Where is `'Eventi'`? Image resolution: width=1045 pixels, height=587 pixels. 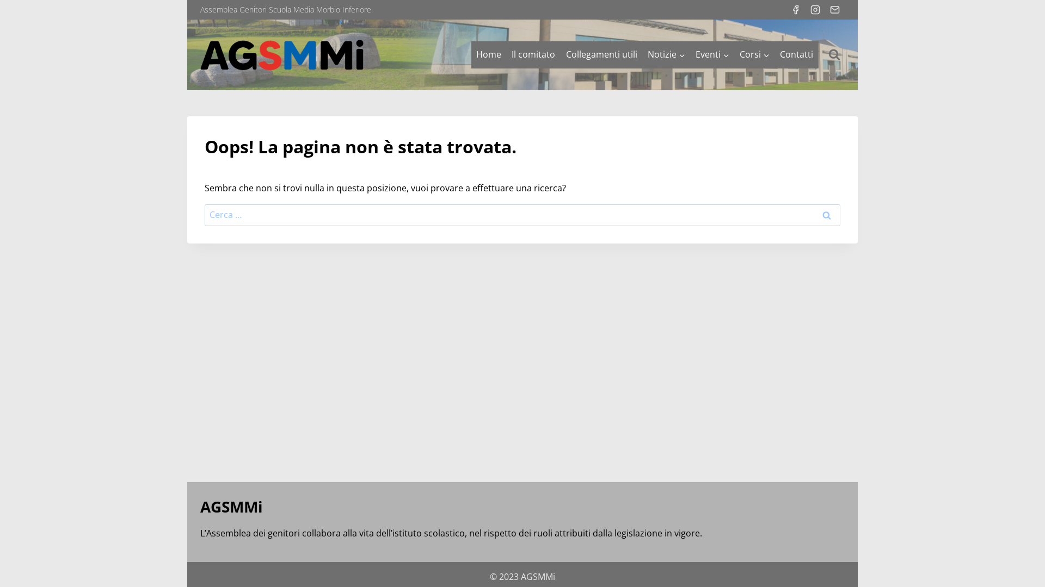 'Eventi' is located at coordinates (712, 54).